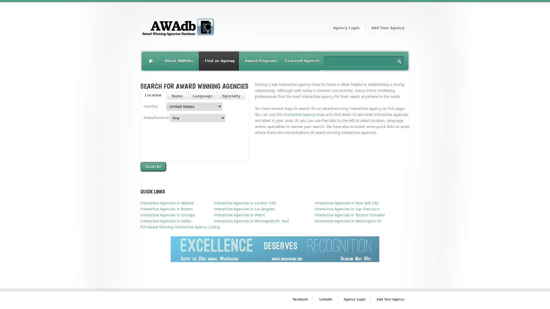 This screenshot has height=309, width=550. Describe the element at coordinates (153, 167) in the screenshot. I see `Search!` at that location.